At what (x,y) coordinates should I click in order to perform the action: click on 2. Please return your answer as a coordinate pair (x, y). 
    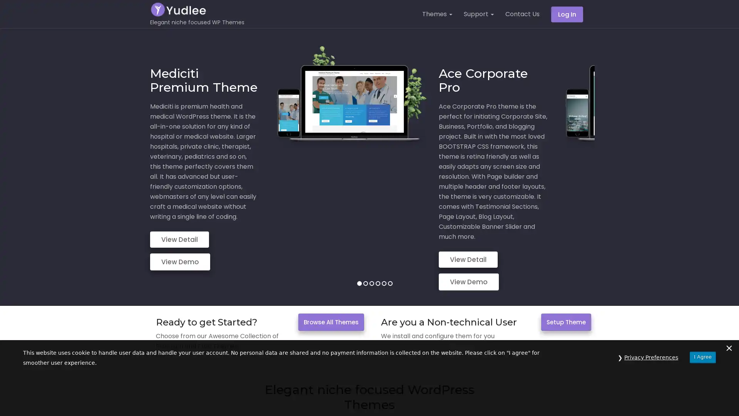
    Looking at the image, I should click on (365, 229).